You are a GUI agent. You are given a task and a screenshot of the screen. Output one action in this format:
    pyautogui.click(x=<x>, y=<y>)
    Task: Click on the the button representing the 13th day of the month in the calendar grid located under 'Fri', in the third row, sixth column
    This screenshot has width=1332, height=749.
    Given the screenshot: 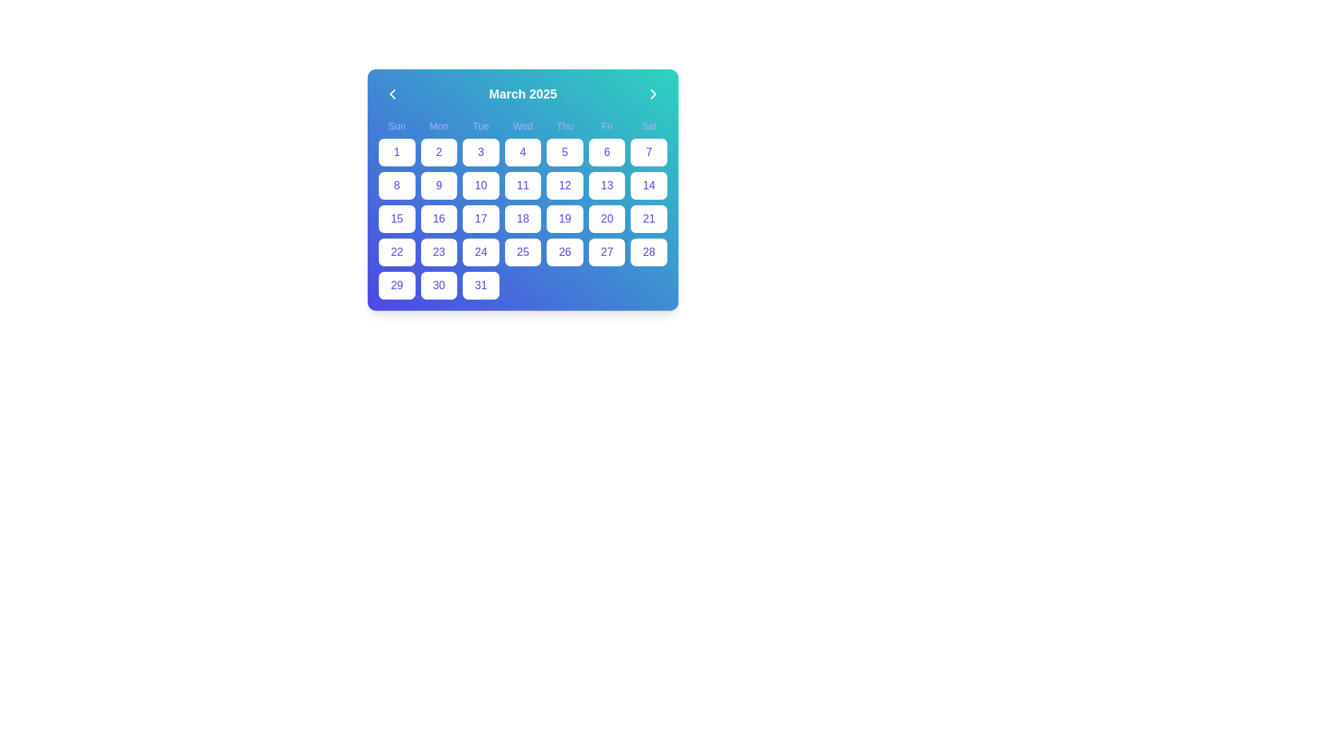 What is the action you would take?
    pyautogui.click(x=606, y=184)
    